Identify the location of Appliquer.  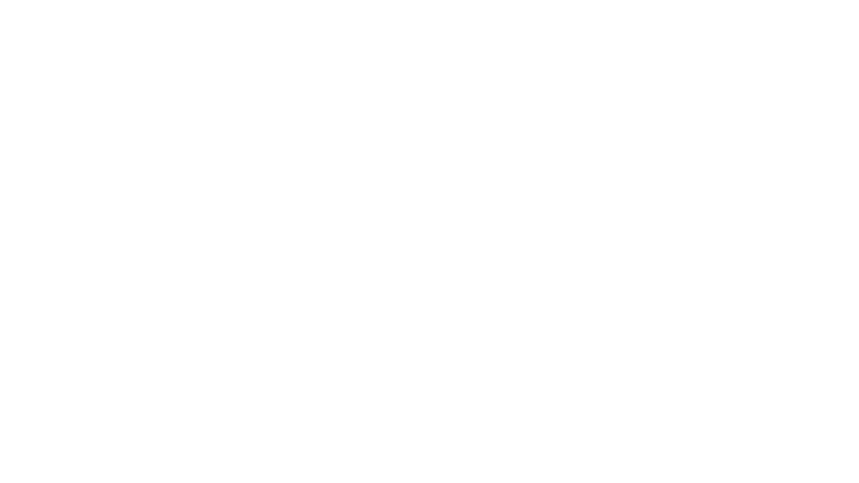
(529, 370).